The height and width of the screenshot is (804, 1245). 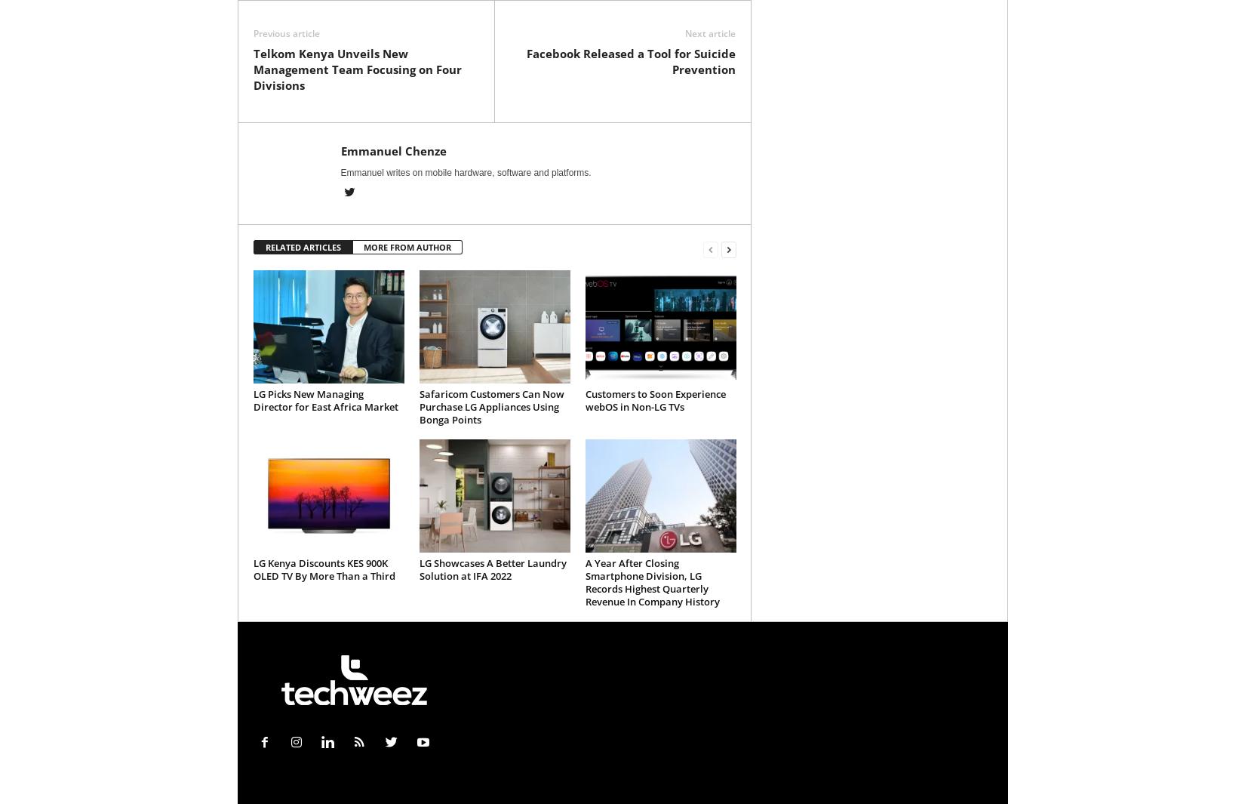 I want to click on 'MORE FROM AUTHOR', so click(x=406, y=246).